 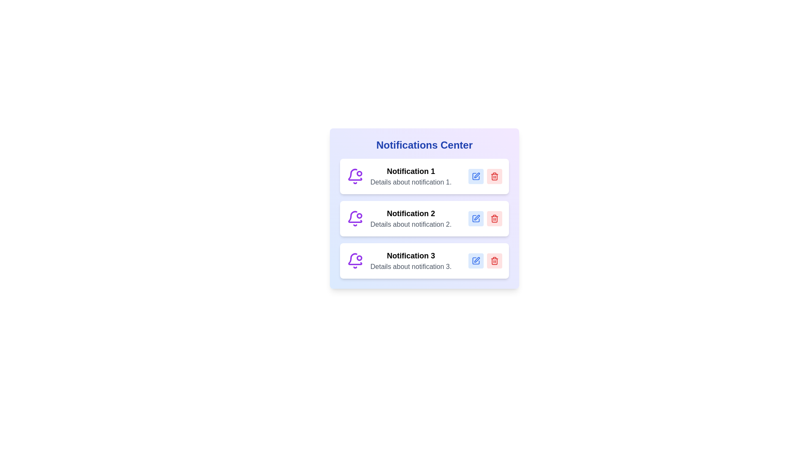 What do you see at coordinates (411, 260) in the screenshot?
I see `the notification text block titled 'Notification 3' which contains details about notification 3` at bounding box center [411, 260].